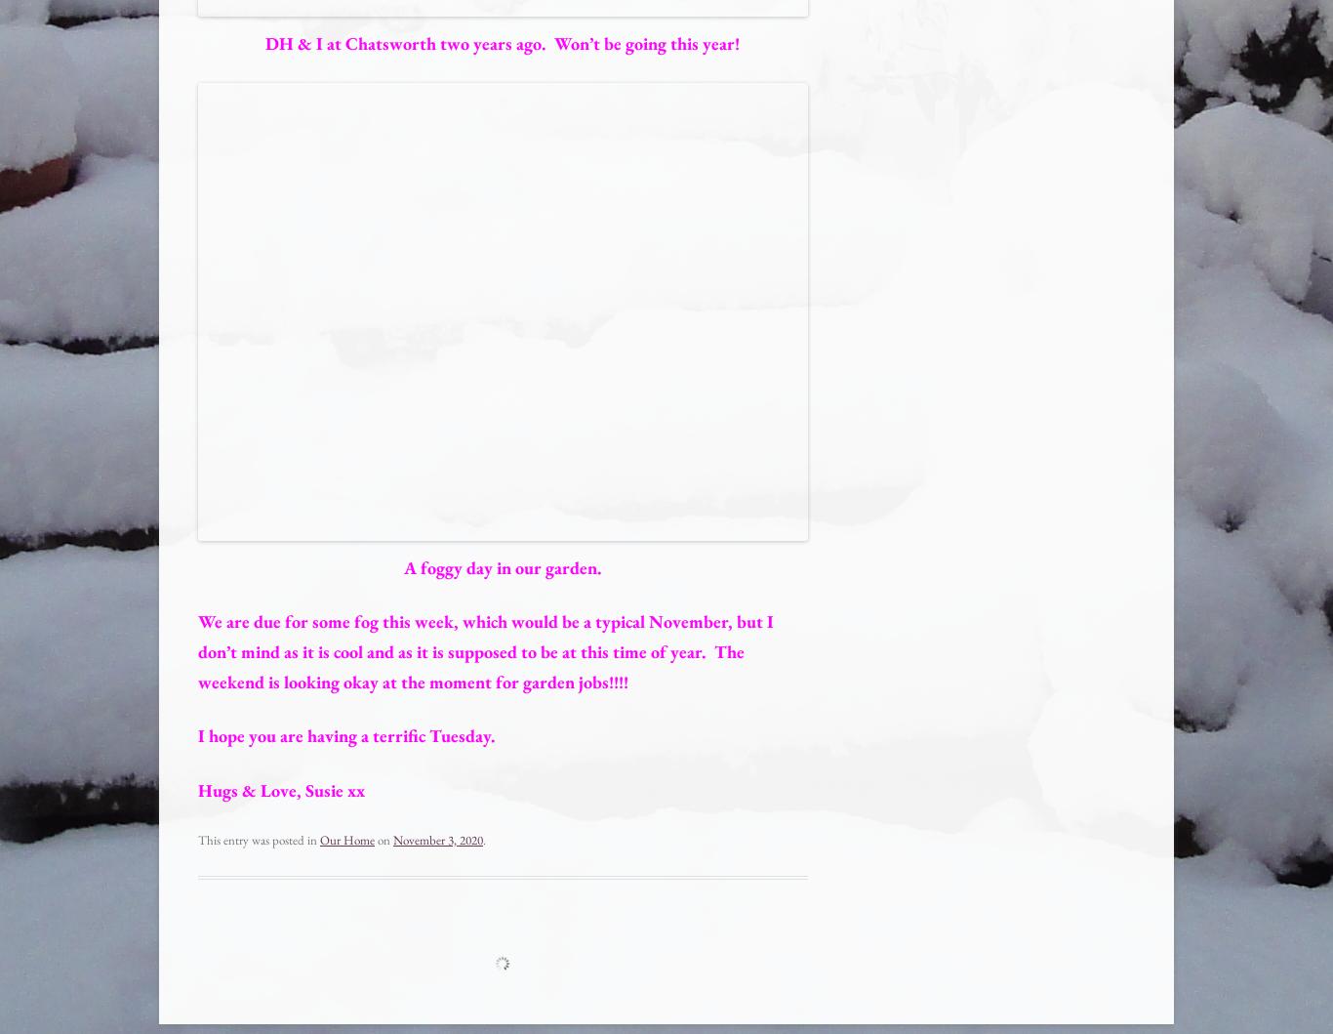 The width and height of the screenshot is (1333, 1034). What do you see at coordinates (281, 788) in the screenshot?
I see `'Hugs & Love, Susie xx'` at bounding box center [281, 788].